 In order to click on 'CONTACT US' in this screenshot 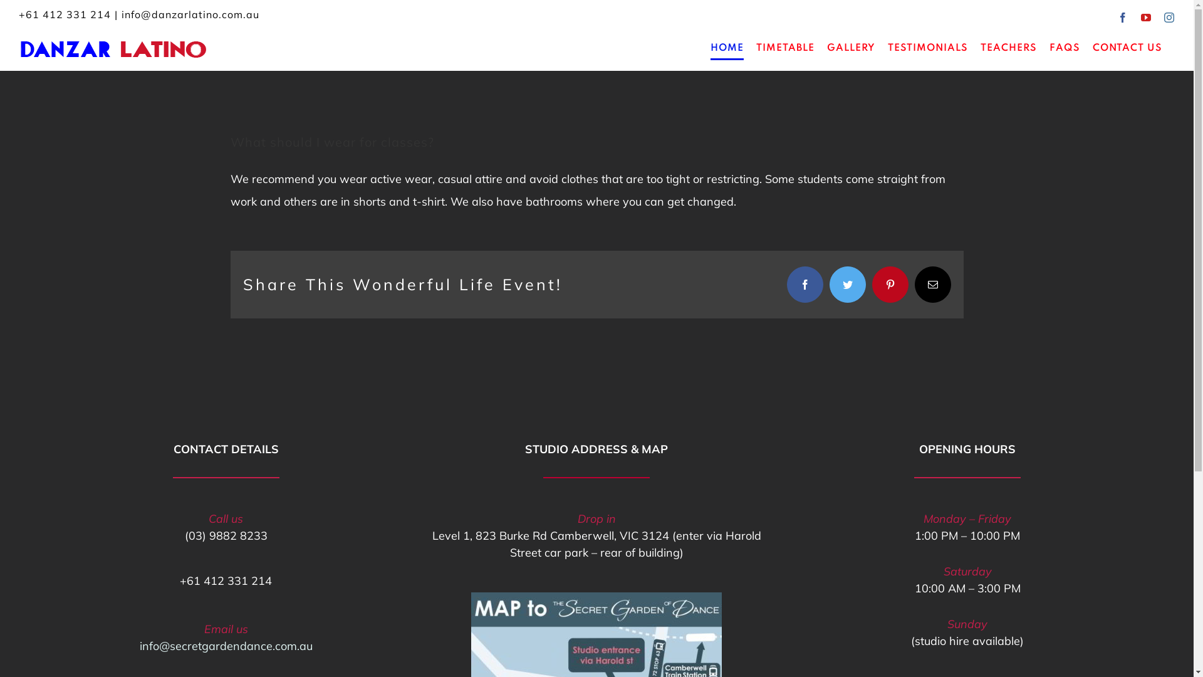, I will do `click(1091, 48)`.